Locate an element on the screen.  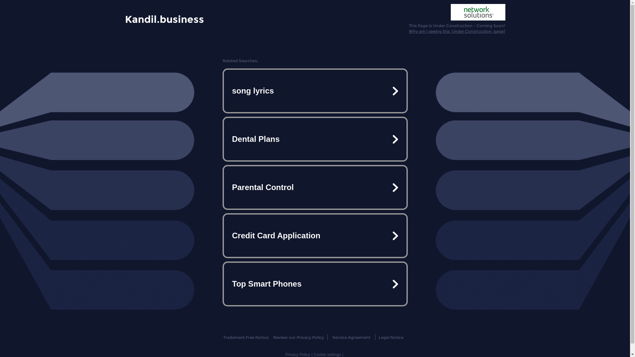
'Review our Privacy Policy' is located at coordinates (298, 337).